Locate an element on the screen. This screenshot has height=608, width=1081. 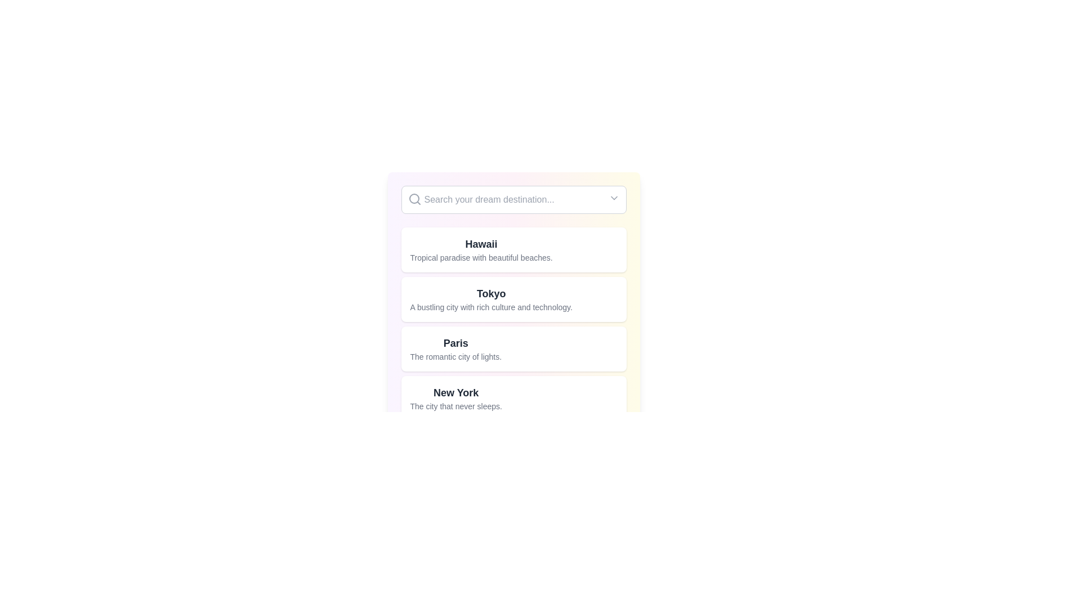
descriptive text block located directly below the 'New York' text, aligned to its left edge within the destination listing section is located at coordinates (456, 406).